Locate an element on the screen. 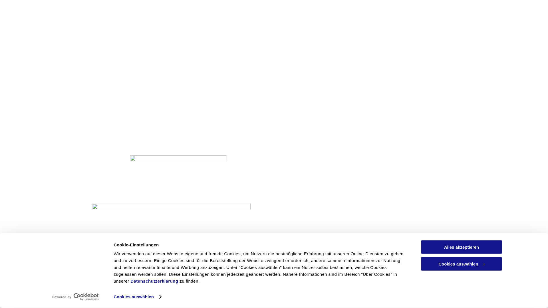  'Alles akzeptieren' is located at coordinates (462, 247).